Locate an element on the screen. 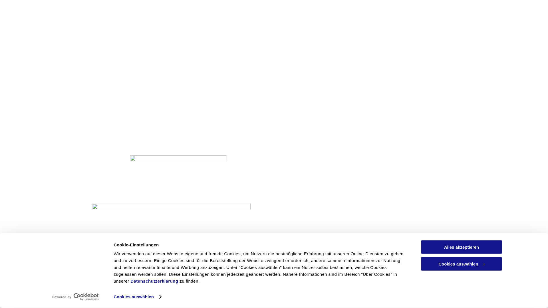  'Alles akzeptieren' is located at coordinates (462, 247).